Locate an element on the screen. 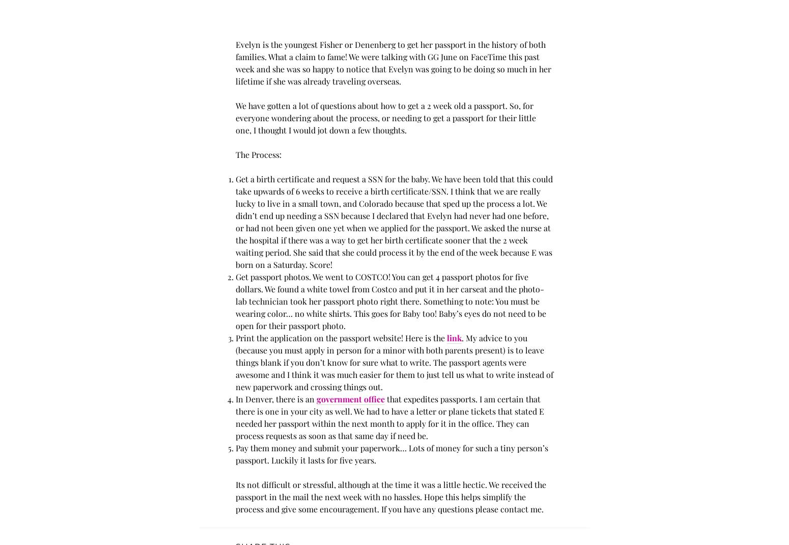 Image resolution: width=789 pixels, height=545 pixels. 'In Denver, there is an' is located at coordinates (275, 398).